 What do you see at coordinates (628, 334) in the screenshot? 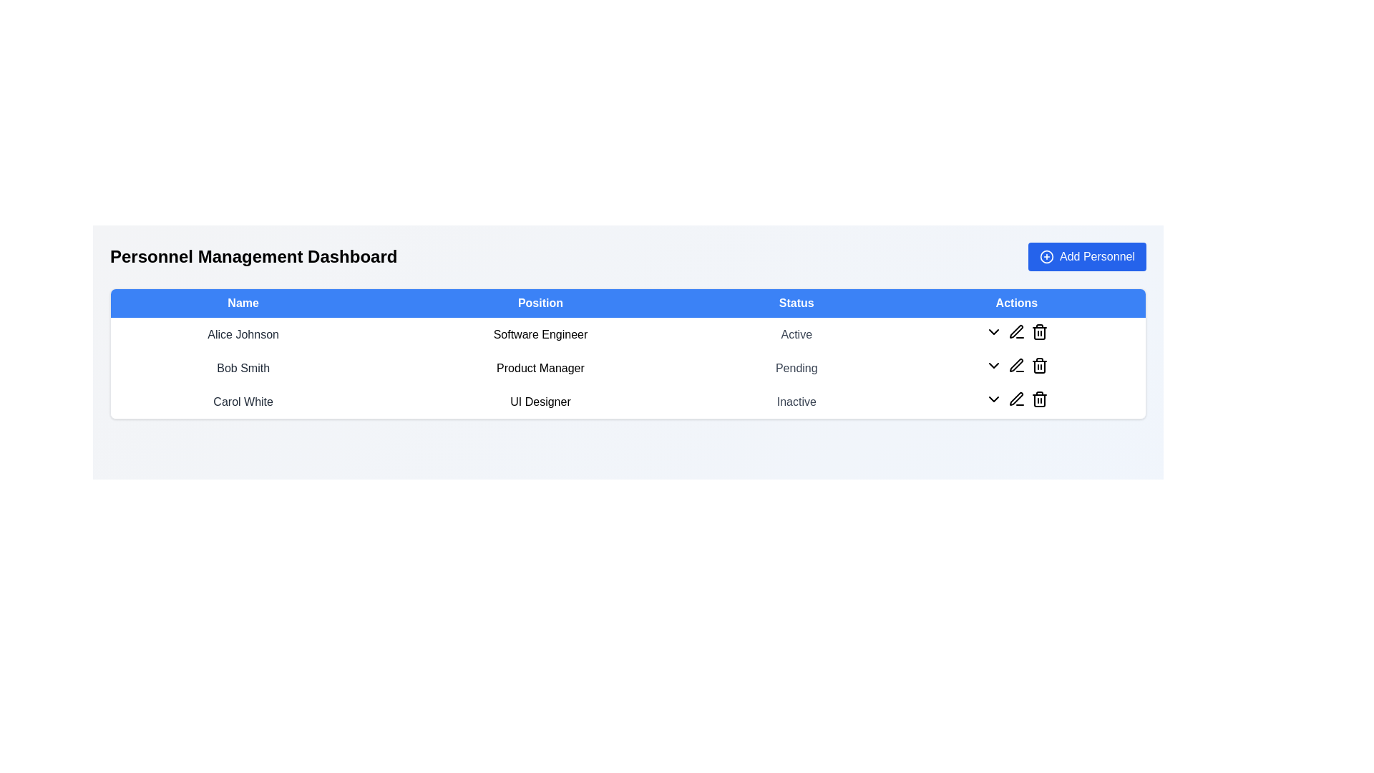
I see `the Text row entry within the personnel table` at bounding box center [628, 334].